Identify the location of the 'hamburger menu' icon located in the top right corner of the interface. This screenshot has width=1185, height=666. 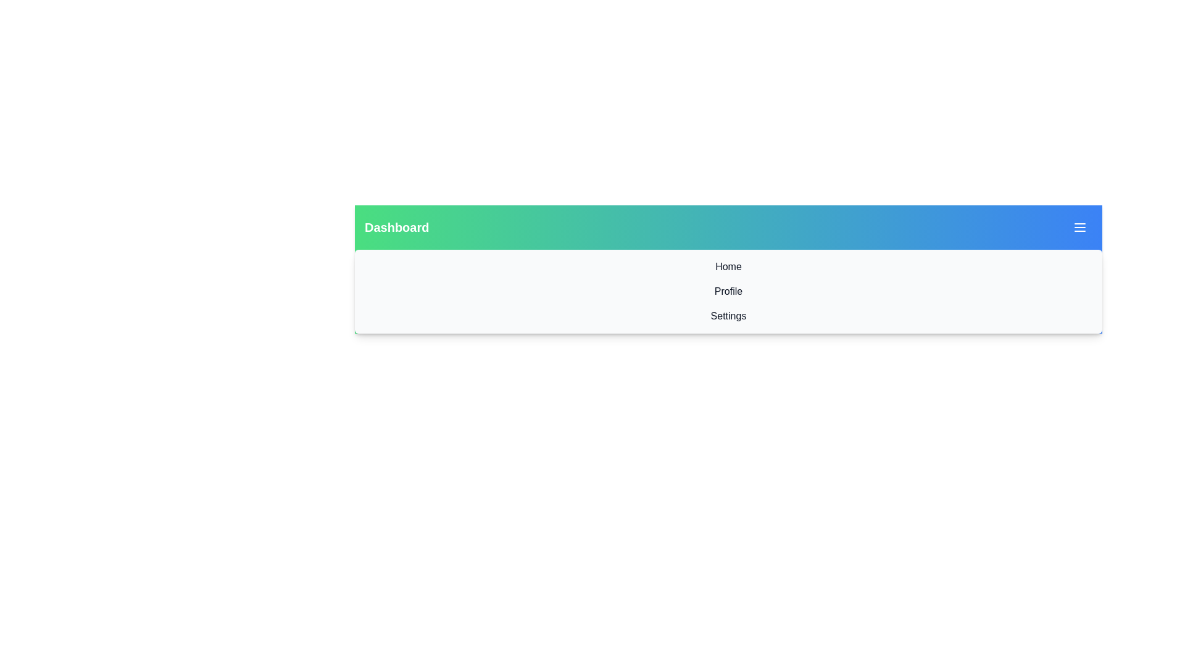
(1079, 228).